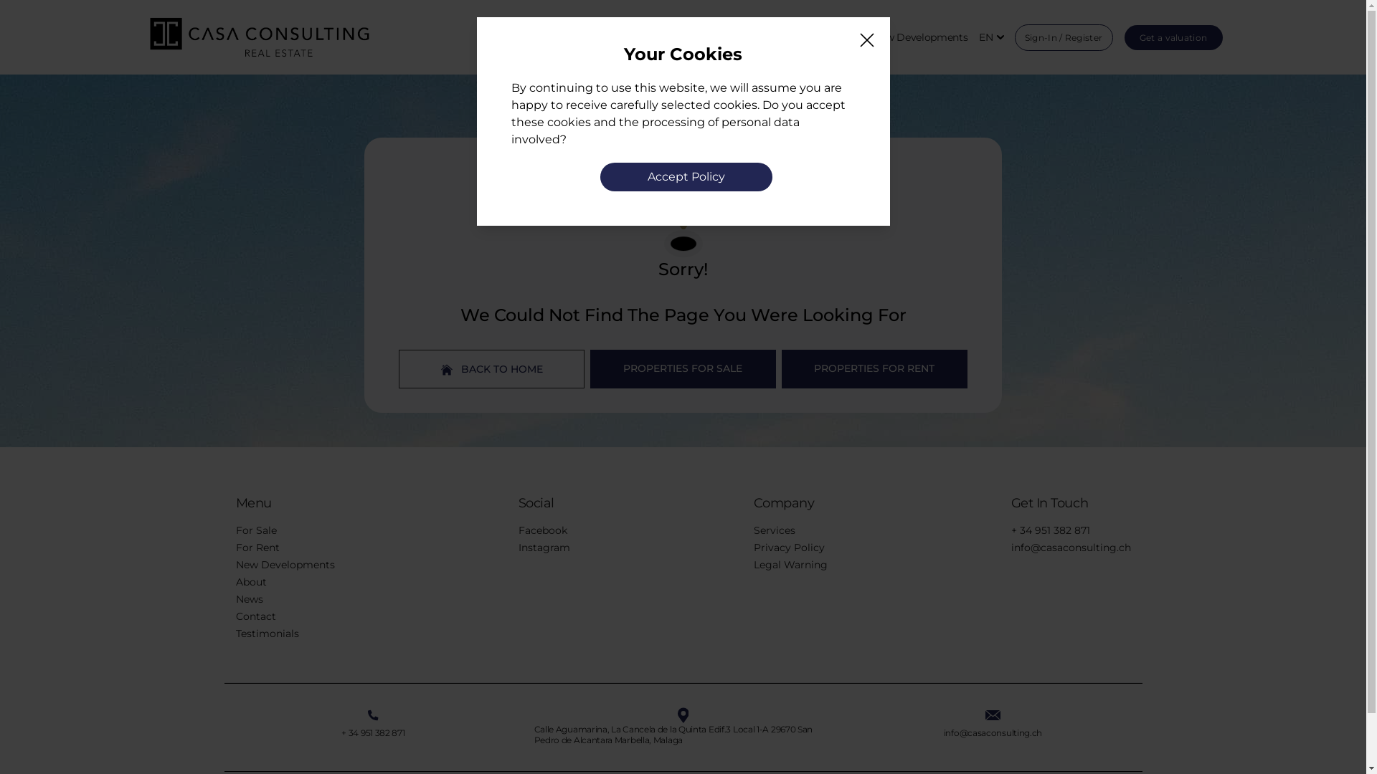 The image size is (1377, 774). Describe the element at coordinates (1050, 530) in the screenshot. I see `'+ 34 951 382 871'` at that location.